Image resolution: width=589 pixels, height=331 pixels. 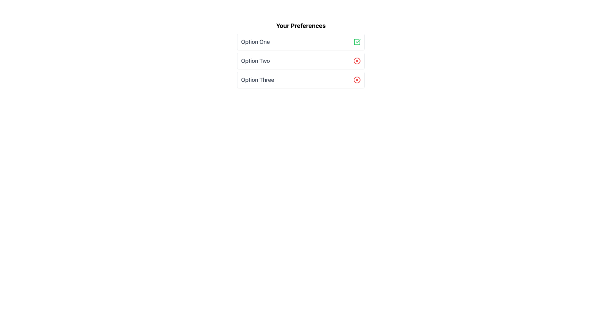 I want to click on the text label displaying 'Option Two', which is the second item in the 'Your Preferences' list, so click(x=255, y=61).